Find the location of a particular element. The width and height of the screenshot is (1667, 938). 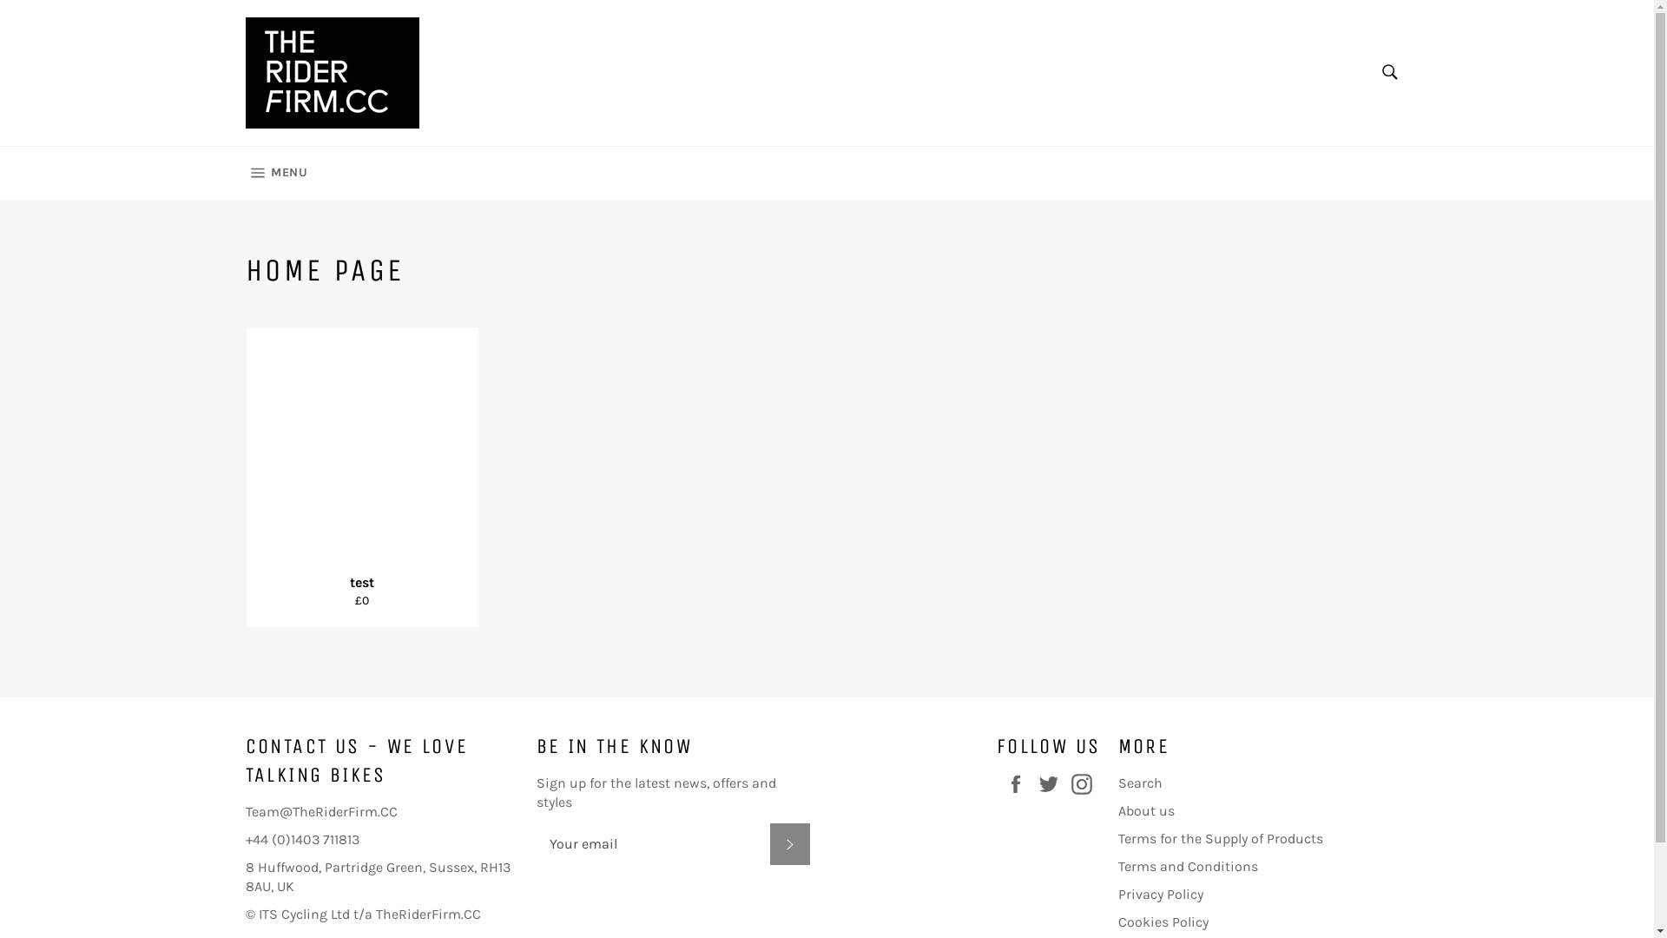

'Search' is located at coordinates (1140, 783).